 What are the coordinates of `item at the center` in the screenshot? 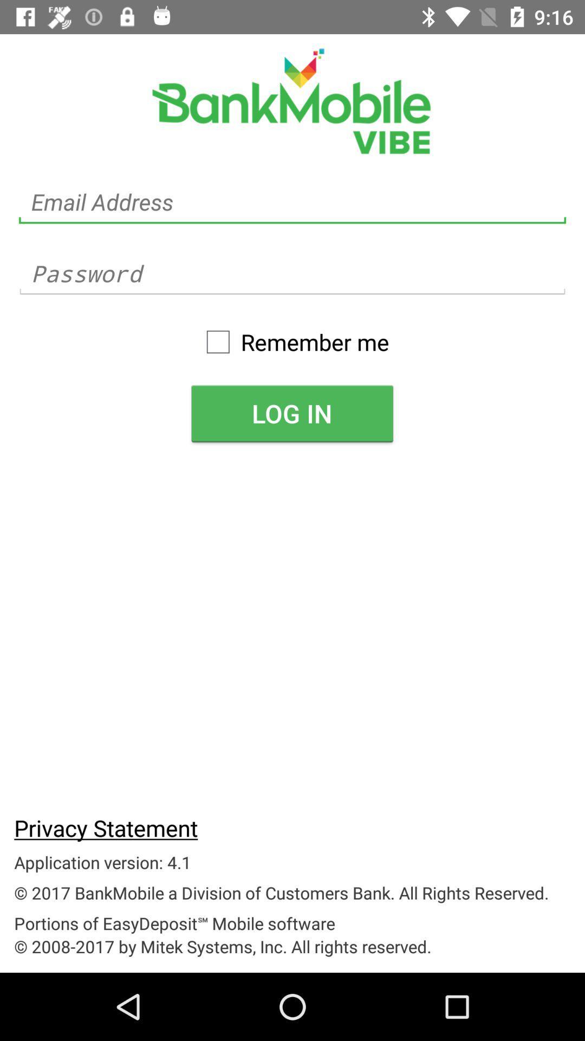 It's located at (291, 413).